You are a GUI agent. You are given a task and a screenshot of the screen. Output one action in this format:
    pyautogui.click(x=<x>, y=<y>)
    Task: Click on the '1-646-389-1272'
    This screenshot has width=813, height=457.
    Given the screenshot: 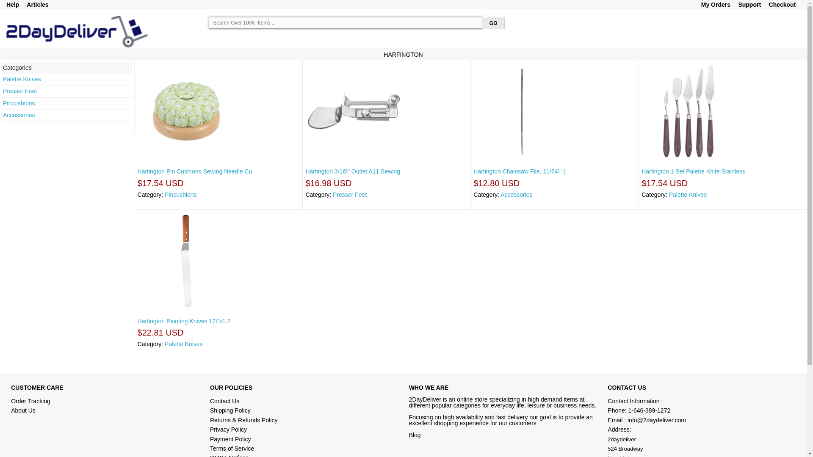 What is the action you would take?
    pyautogui.click(x=649, y=410)
    